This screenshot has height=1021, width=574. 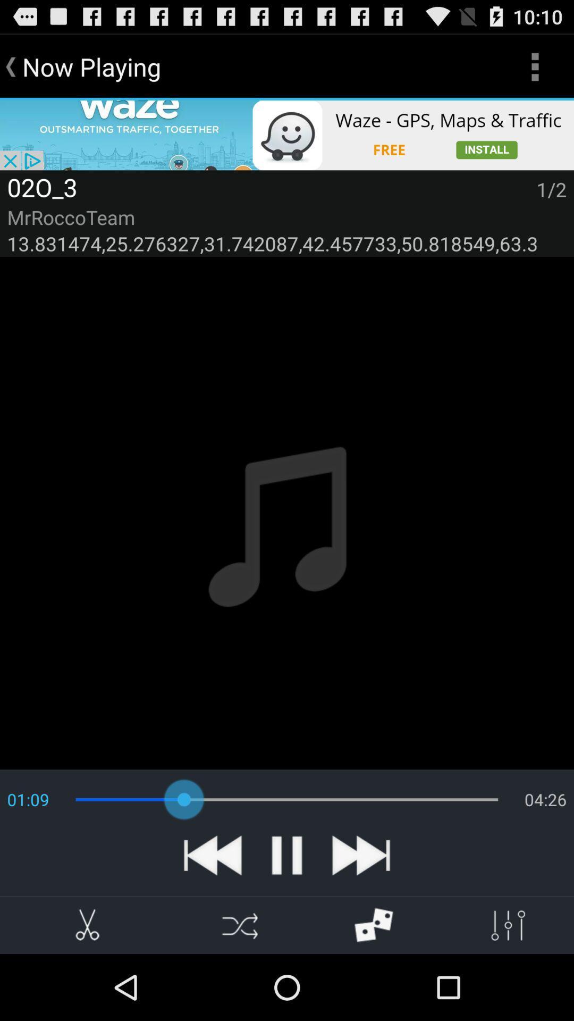 What do you see at coordinates (507, 990) in the screenshot?
I see `the sliders icon` at bounding box center [507, 990].